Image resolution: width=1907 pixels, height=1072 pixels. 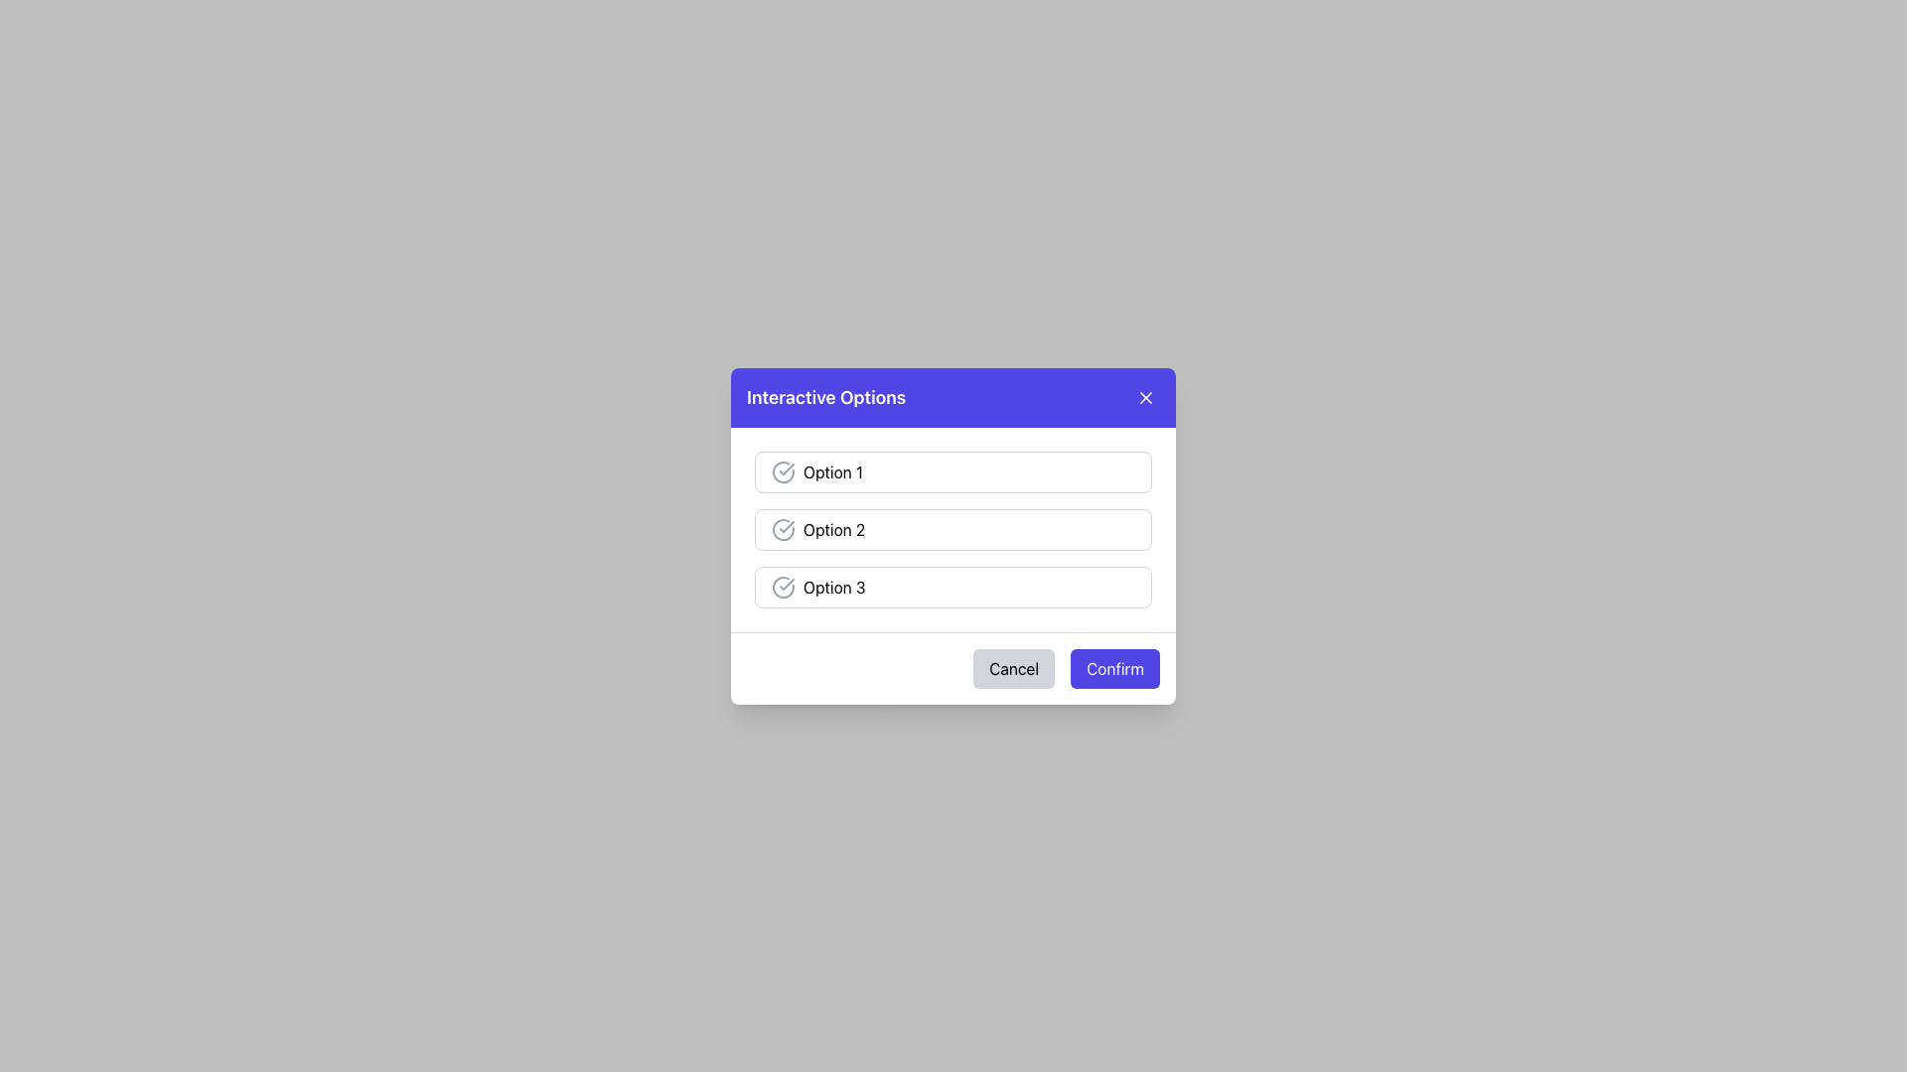 What do you see at coordinates (782, 527) in the screenshot?
I see `the Icon (Circle with Checkmark) located in the second option of the vertically arranged list labeled 'Option 2', which is next to the text label` at bounding box center [782, 527].